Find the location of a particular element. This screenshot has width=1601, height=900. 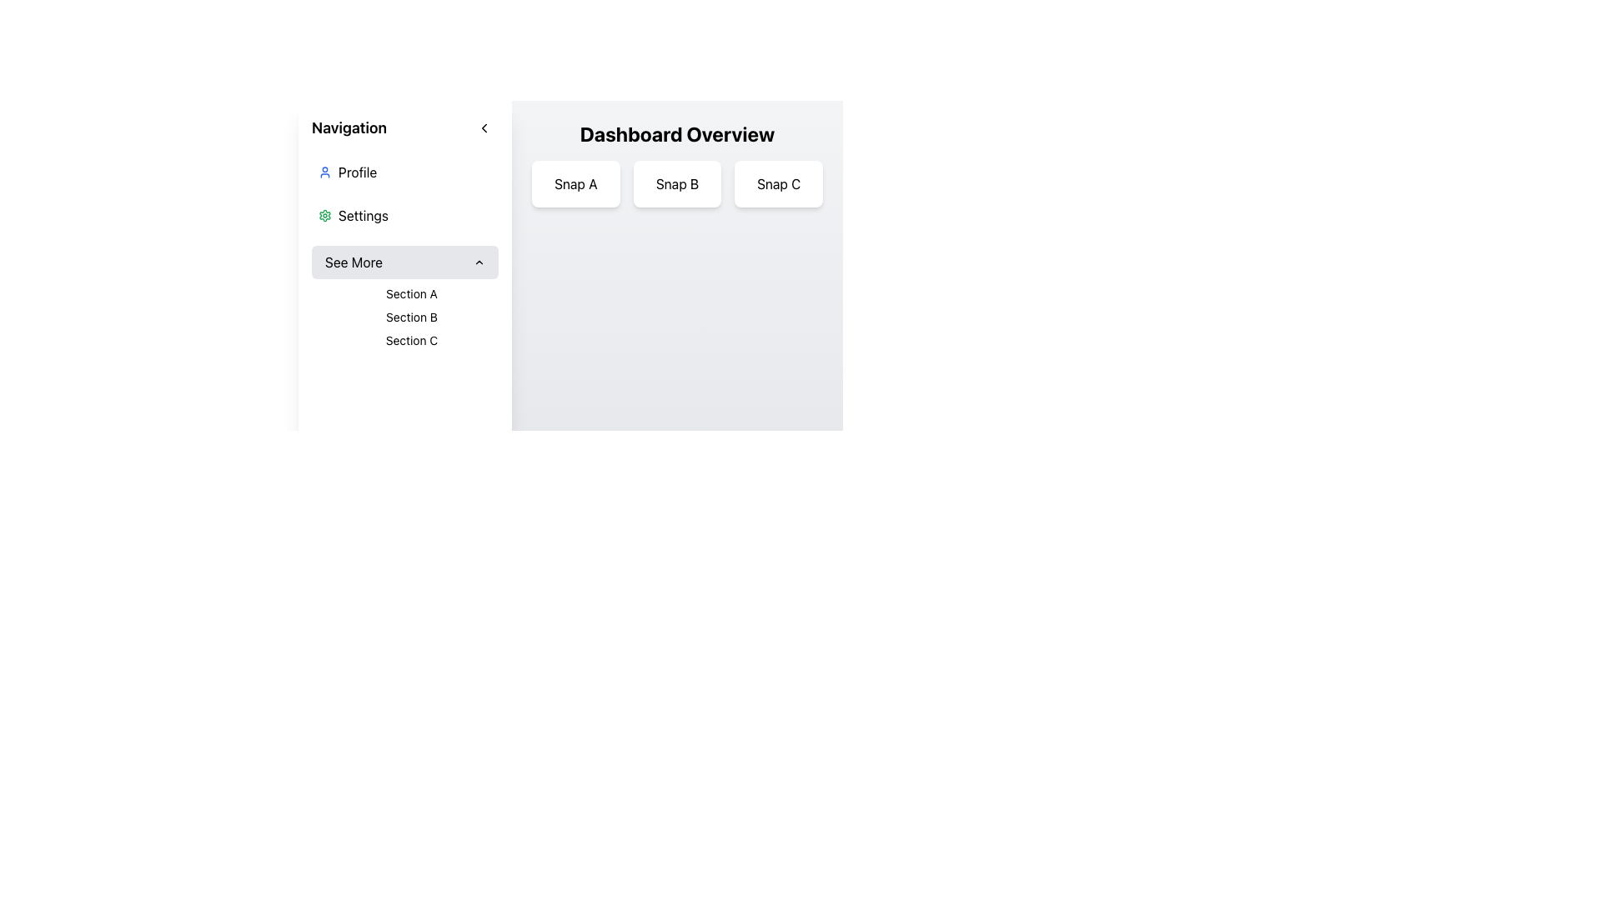

text label 'Section C' which is the last item in the navigation pane under the 'See More' section is located at coordinates (412, 339).